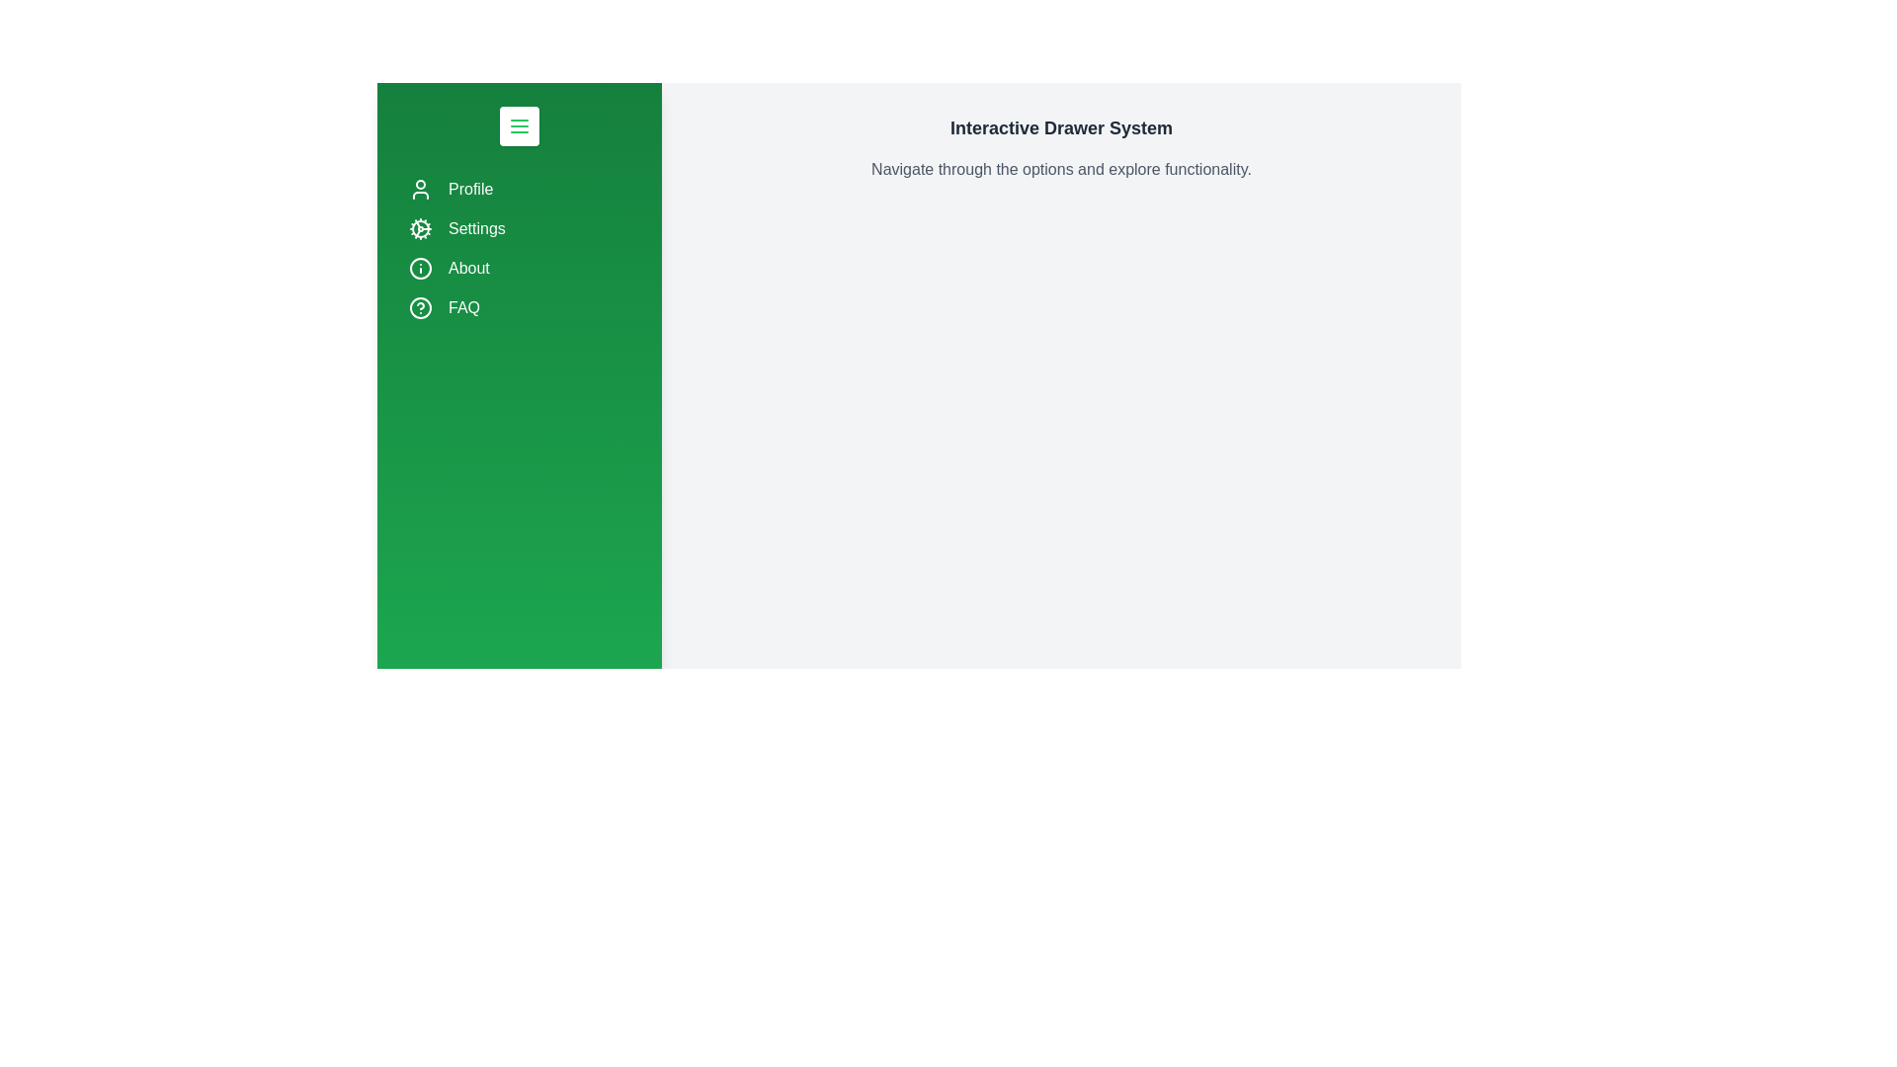 The image size is (1897, 1067). I want to click on the navigation item Settings by clicking on it, so click(520, 227).